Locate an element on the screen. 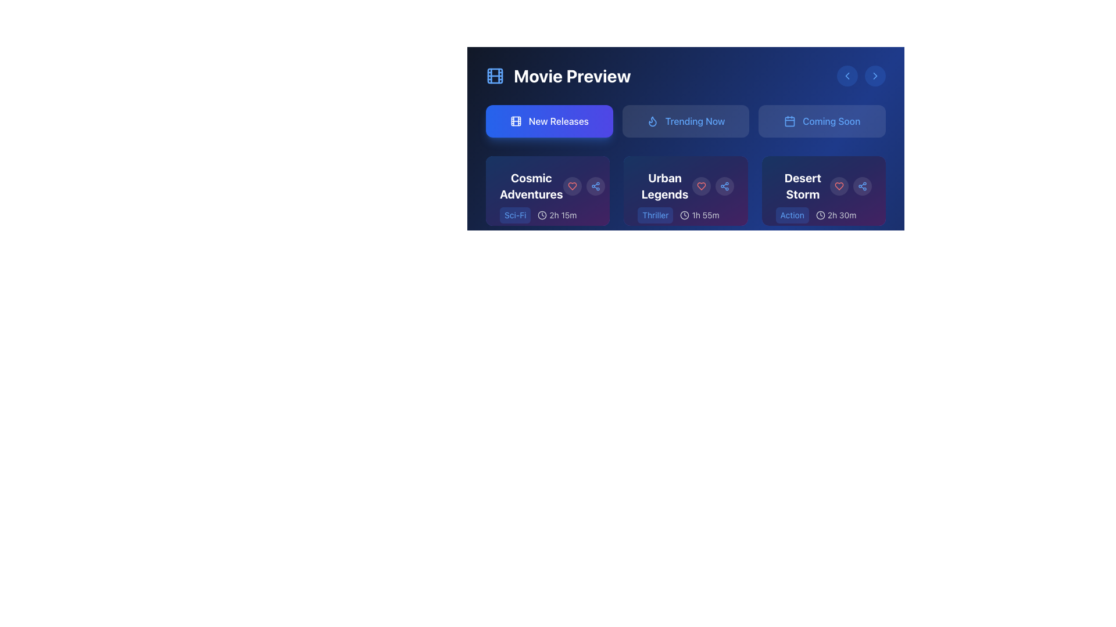 Image resolution: width=1116 pixels, height=627 pixels. the second button in a horizontal row of three buttons, located below the 'Movie Preview' title, to observe its hover effects is located at coordinates (686, 121).